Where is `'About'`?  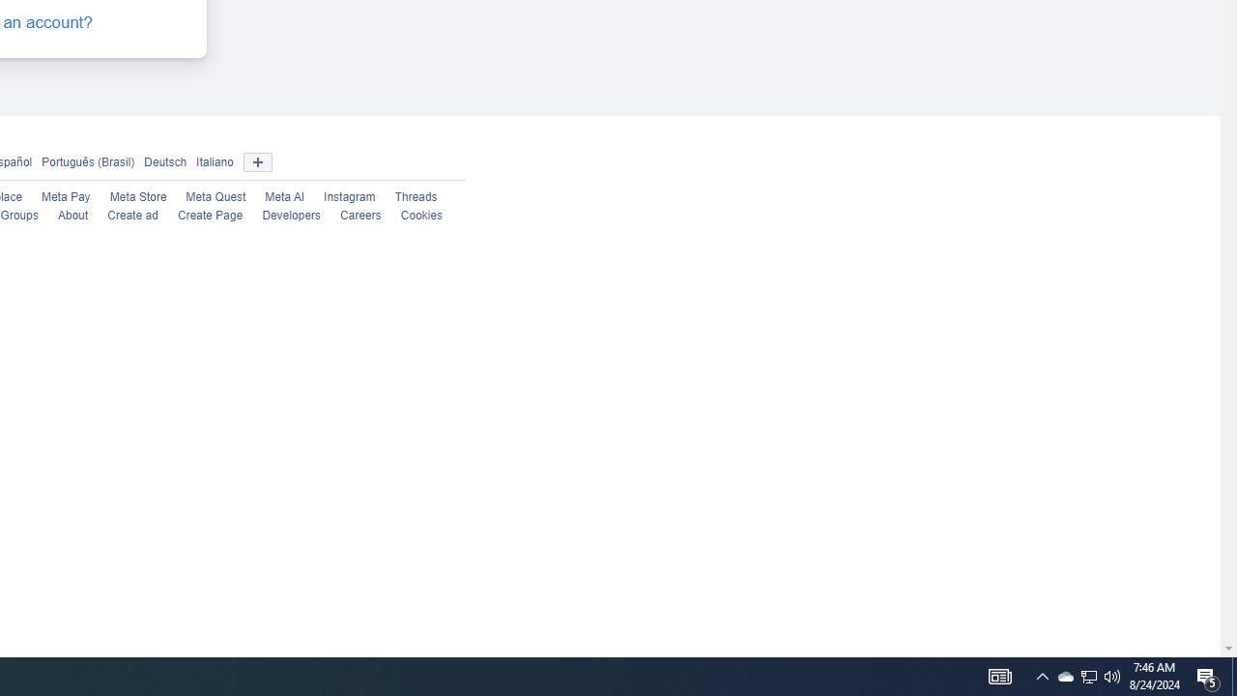
'About' is located at coordinates (72, 216).